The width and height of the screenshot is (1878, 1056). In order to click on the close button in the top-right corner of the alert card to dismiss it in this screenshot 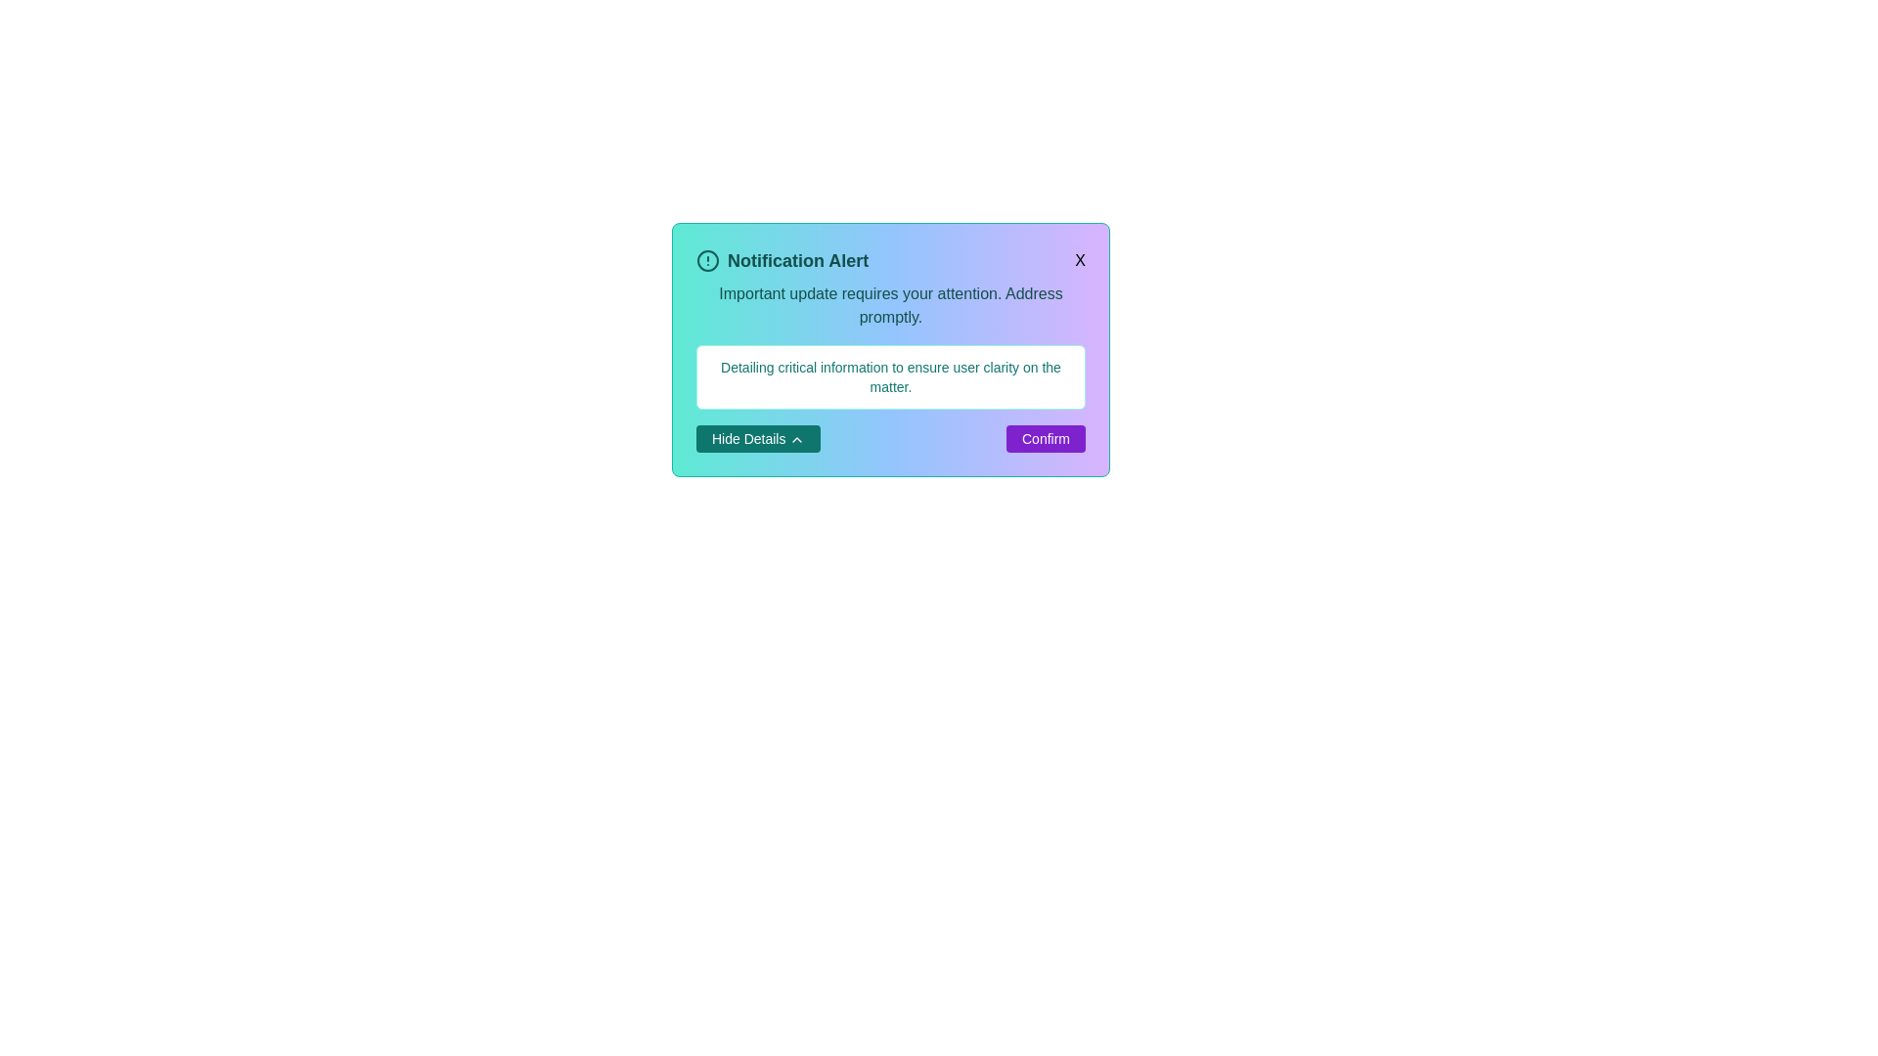, I will do `click(1079, 259)`.